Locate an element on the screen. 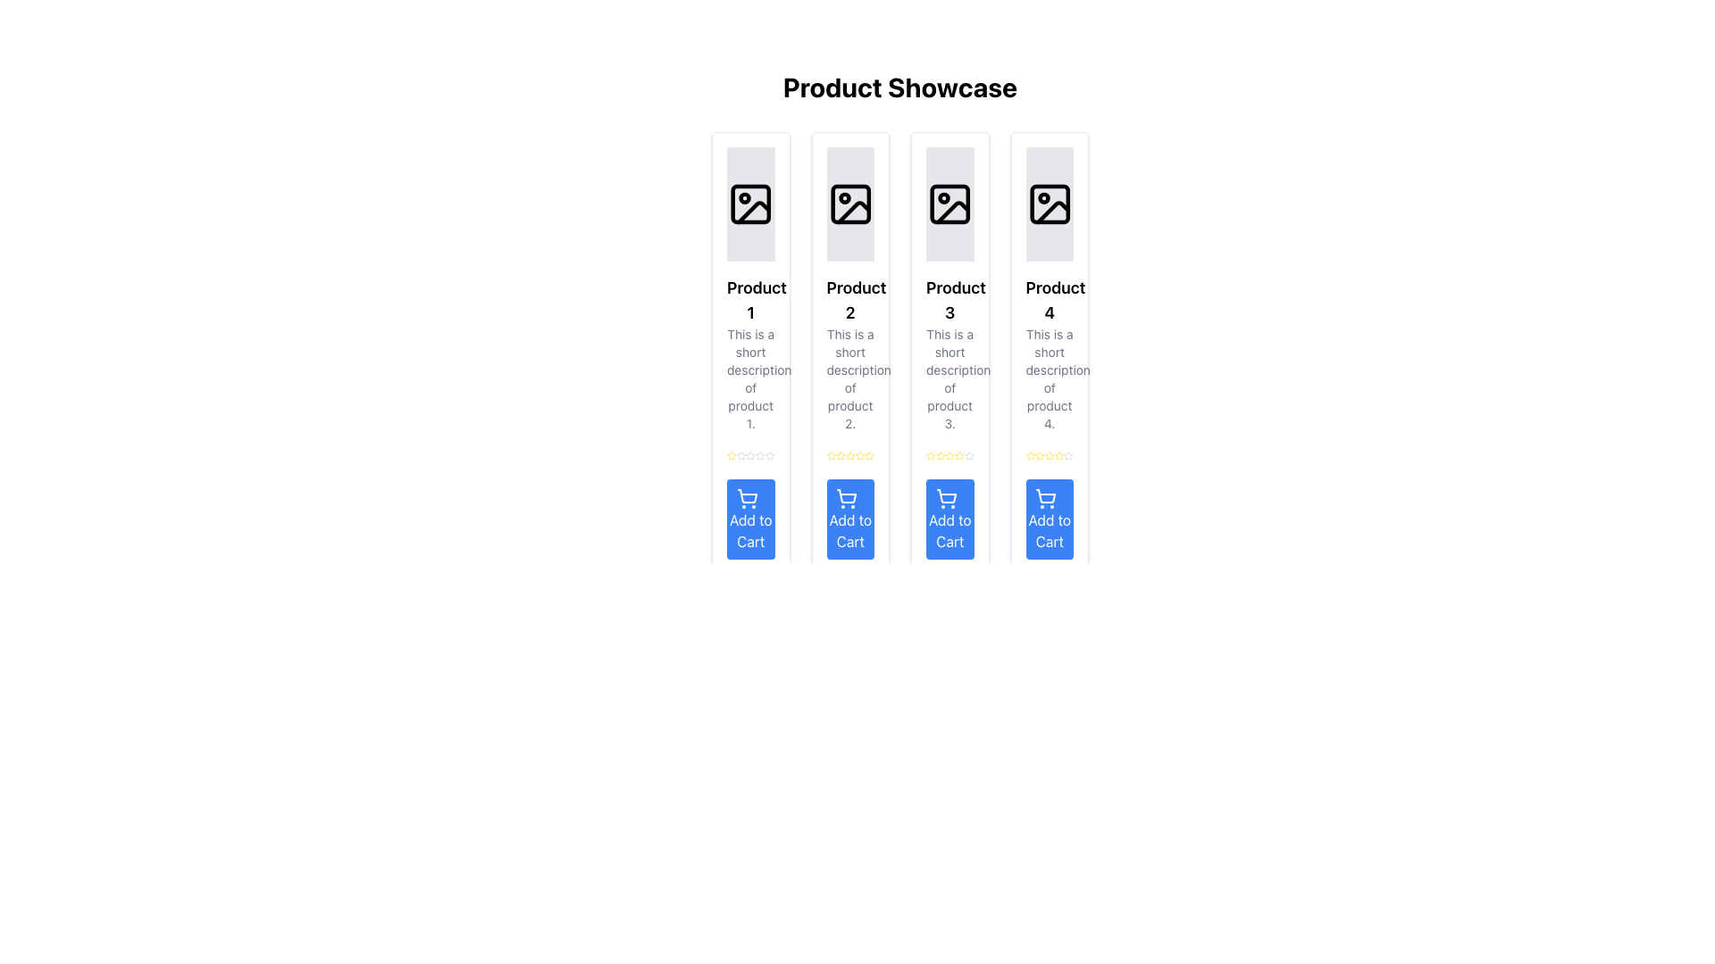 Image resolution: width=1715 pixels, height=964 pixels. the fourth rating star in the first product card is located at coordinates (750, 454).